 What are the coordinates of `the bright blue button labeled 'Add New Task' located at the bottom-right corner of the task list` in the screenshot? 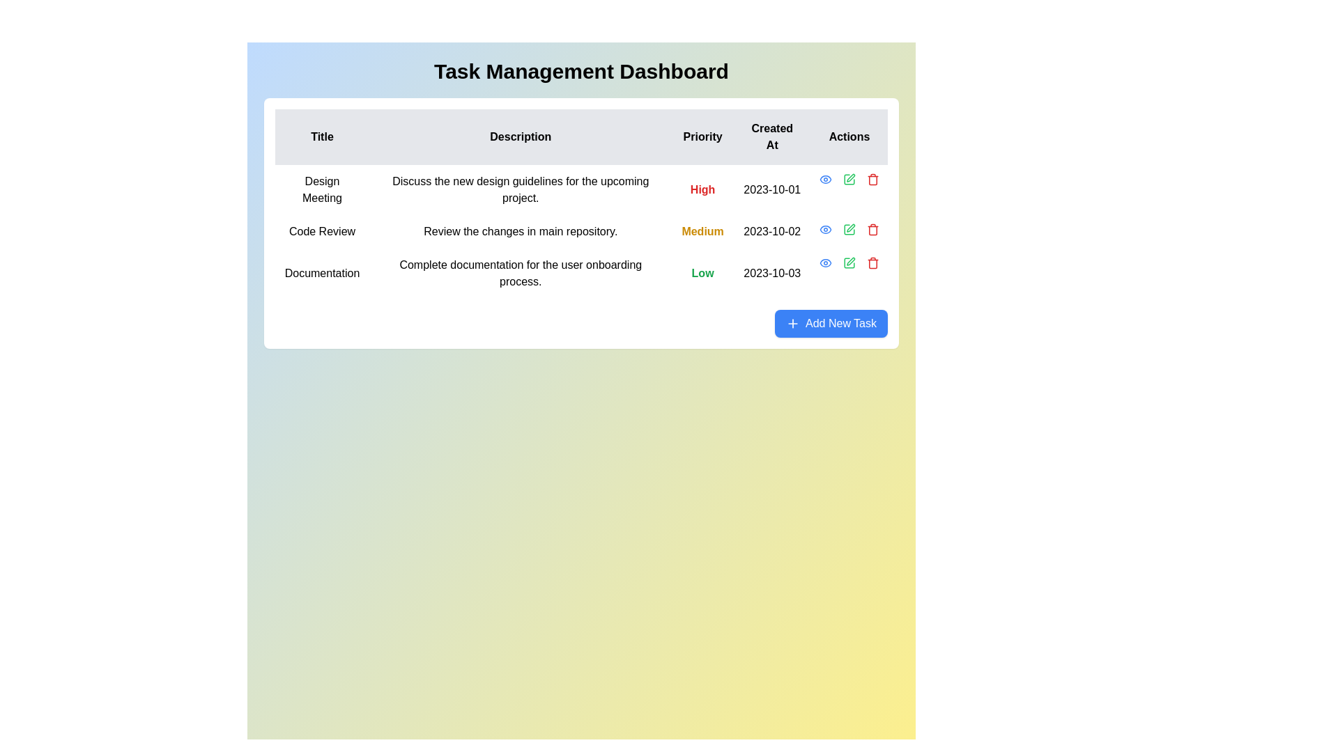 It's located at (831, 324).